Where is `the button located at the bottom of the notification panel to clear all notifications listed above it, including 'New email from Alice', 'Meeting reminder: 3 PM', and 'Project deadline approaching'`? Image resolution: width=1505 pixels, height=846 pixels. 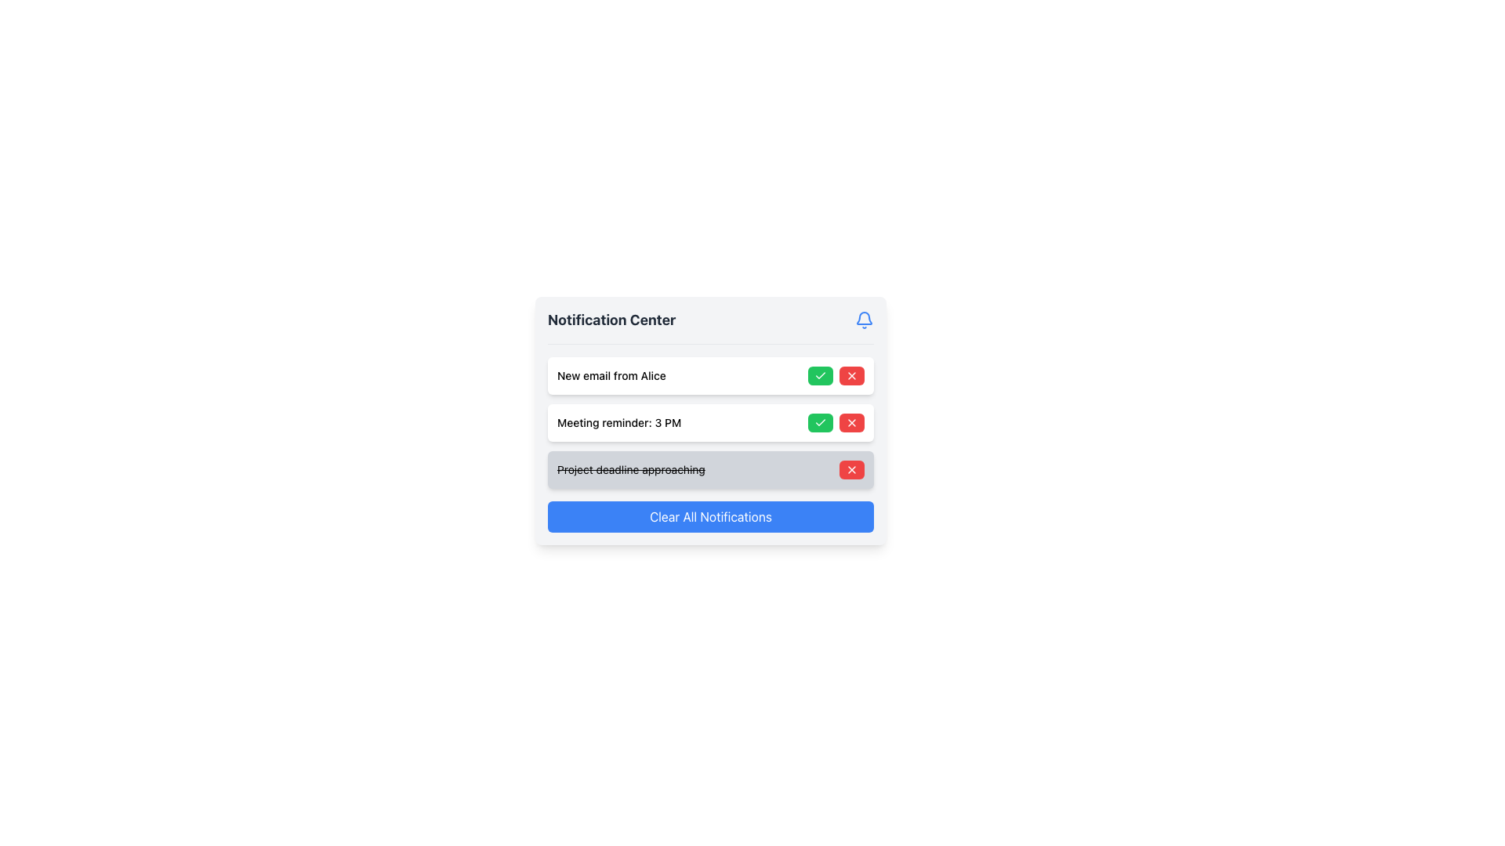 the button located at the bottom of the notification panel to clear all notifications listed above it, including 'New email from Alice', 'Meeting reminder: 3 PM', and 'Project deadline approaching' is located at coordinates (710, 516).